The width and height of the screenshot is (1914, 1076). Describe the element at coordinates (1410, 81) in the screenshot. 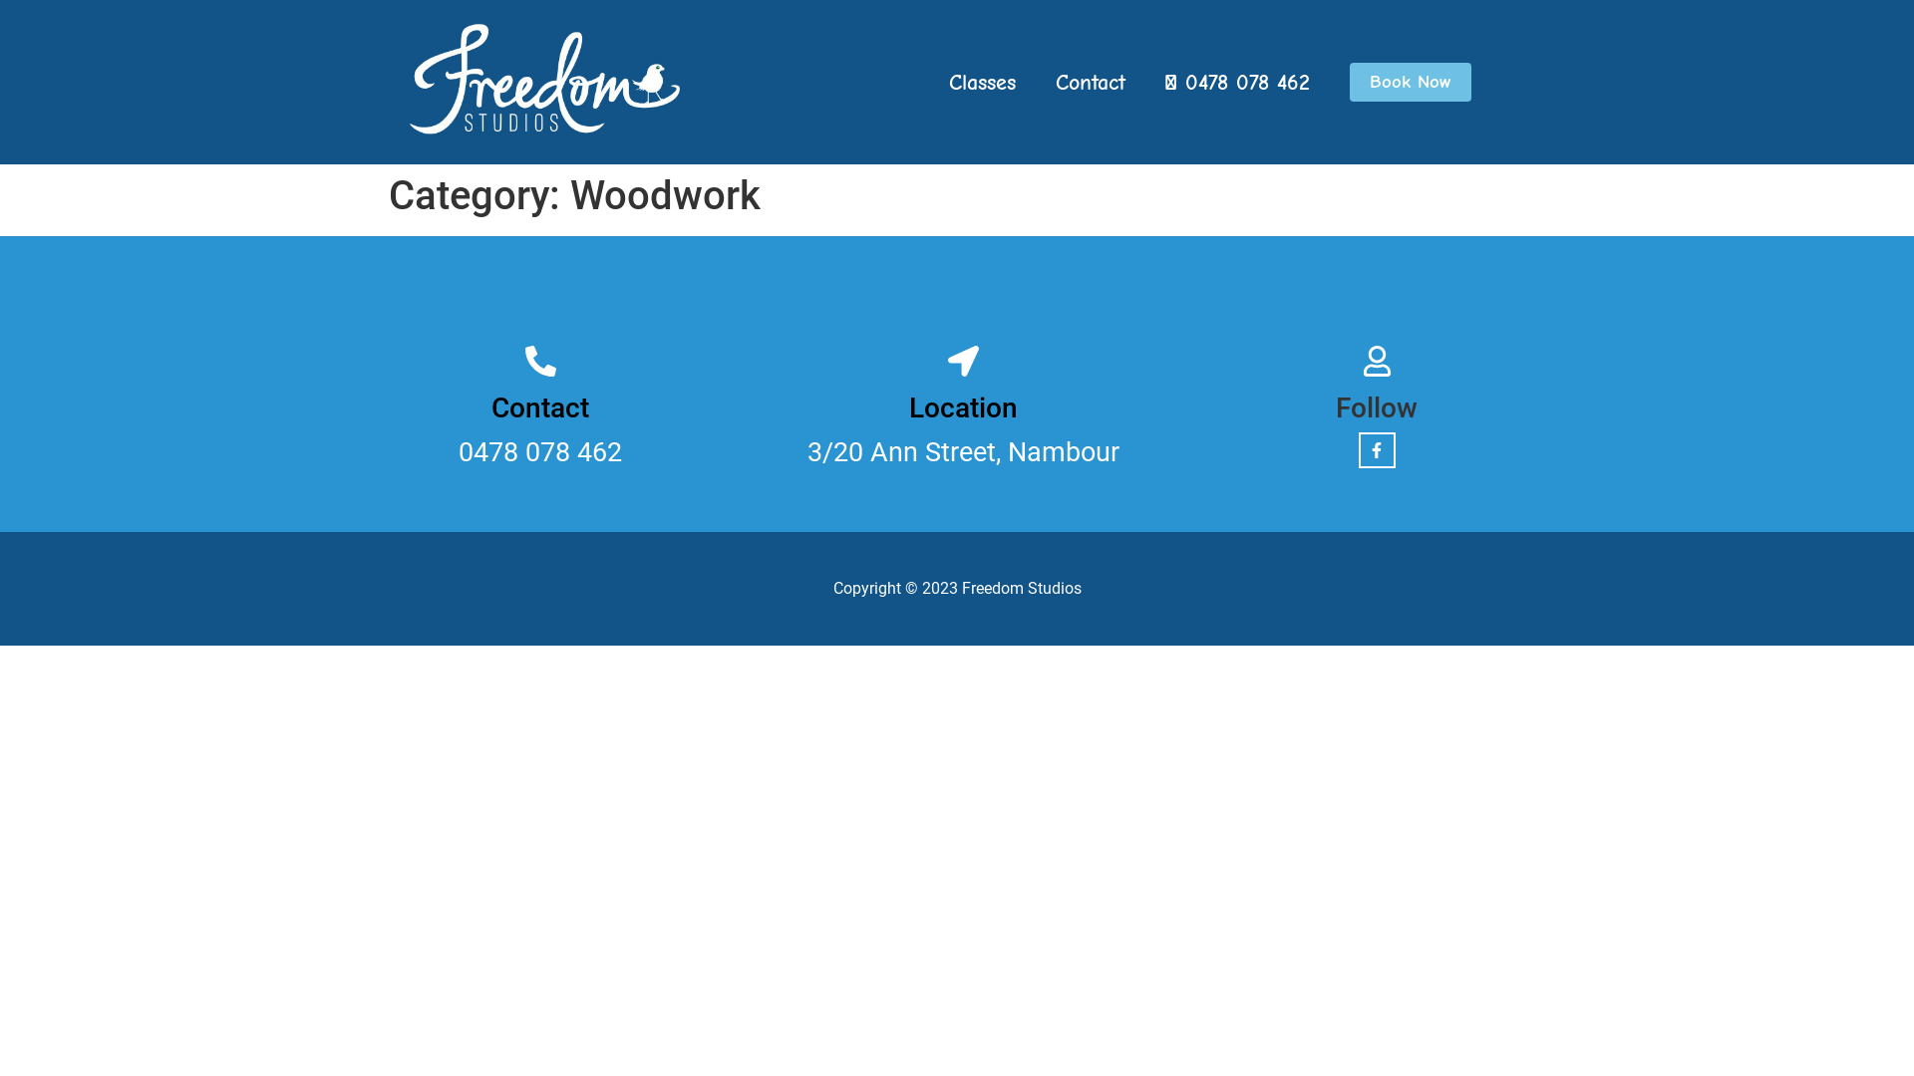

I see `'Book Now'` at that location.